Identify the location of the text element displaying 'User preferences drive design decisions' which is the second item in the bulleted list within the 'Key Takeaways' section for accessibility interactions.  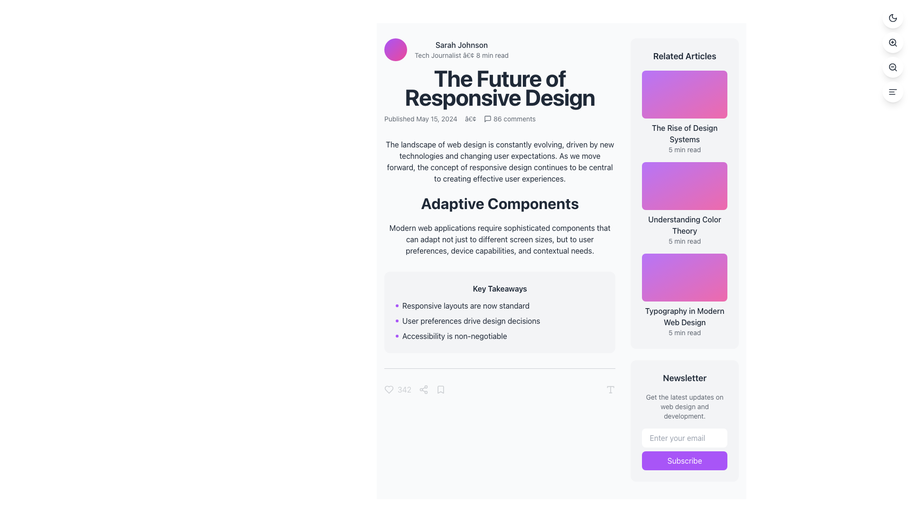
(471, 320).